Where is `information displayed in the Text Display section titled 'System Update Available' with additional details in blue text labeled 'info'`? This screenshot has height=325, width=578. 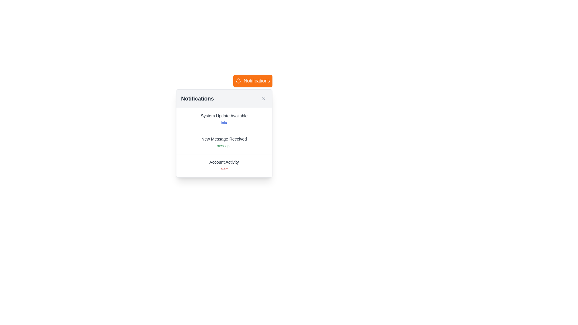 information displayed in the Text Display section titled 'System Update Available' with additional details in blue text labeled 'info' is located at coordinates (224, 119).